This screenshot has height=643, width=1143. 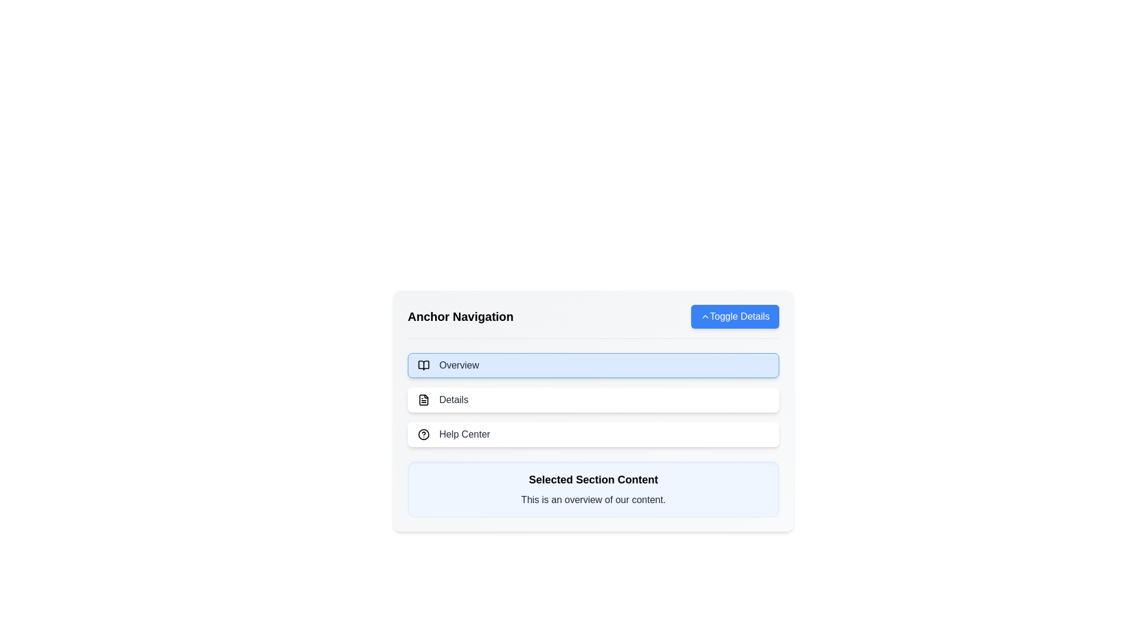 What do you see at coordinates (423, 399) in the screenshot?
I see `the illustrative icon representing text or document content that is located to the left of the 'Details' label, which is the second item in a vertically arranged list of options` at bounding box center [423, 399].